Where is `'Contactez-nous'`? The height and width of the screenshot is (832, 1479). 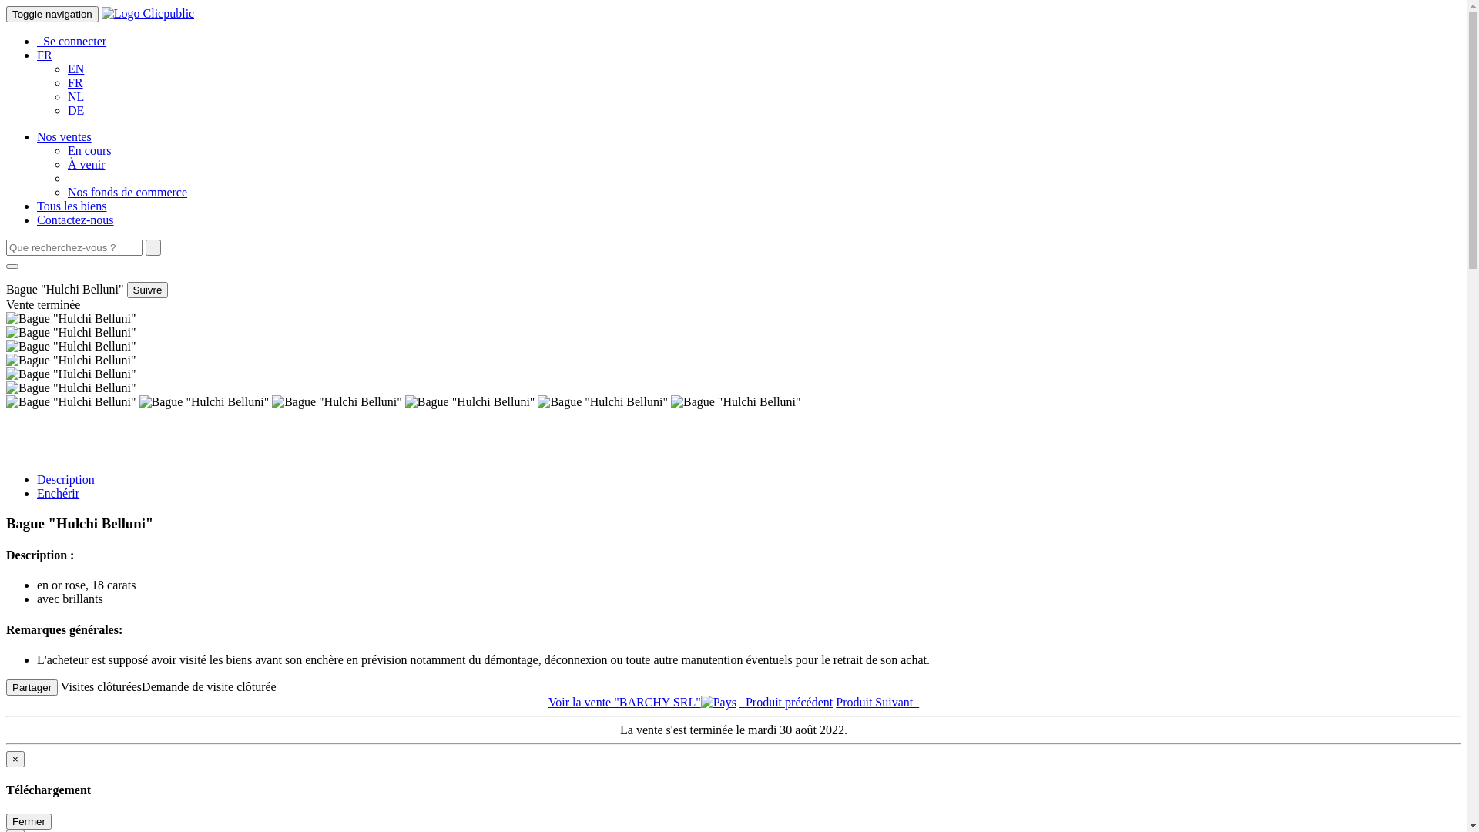 'Contactez-nous' is located at coordinates (74, 220).